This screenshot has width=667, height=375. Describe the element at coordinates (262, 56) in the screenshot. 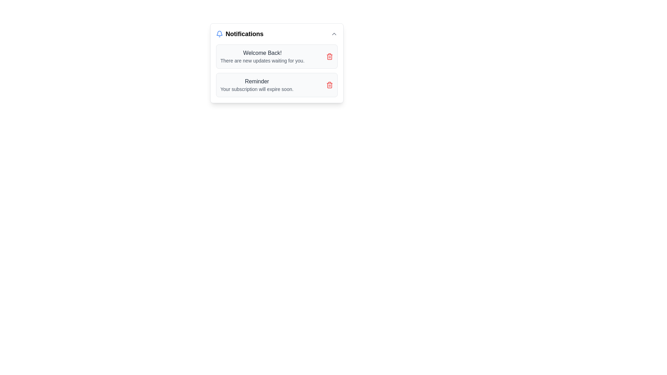

I see `the Text Display element that conveys welcome messages and notifications about new updates, positioned at the top of the notification group` at that location.